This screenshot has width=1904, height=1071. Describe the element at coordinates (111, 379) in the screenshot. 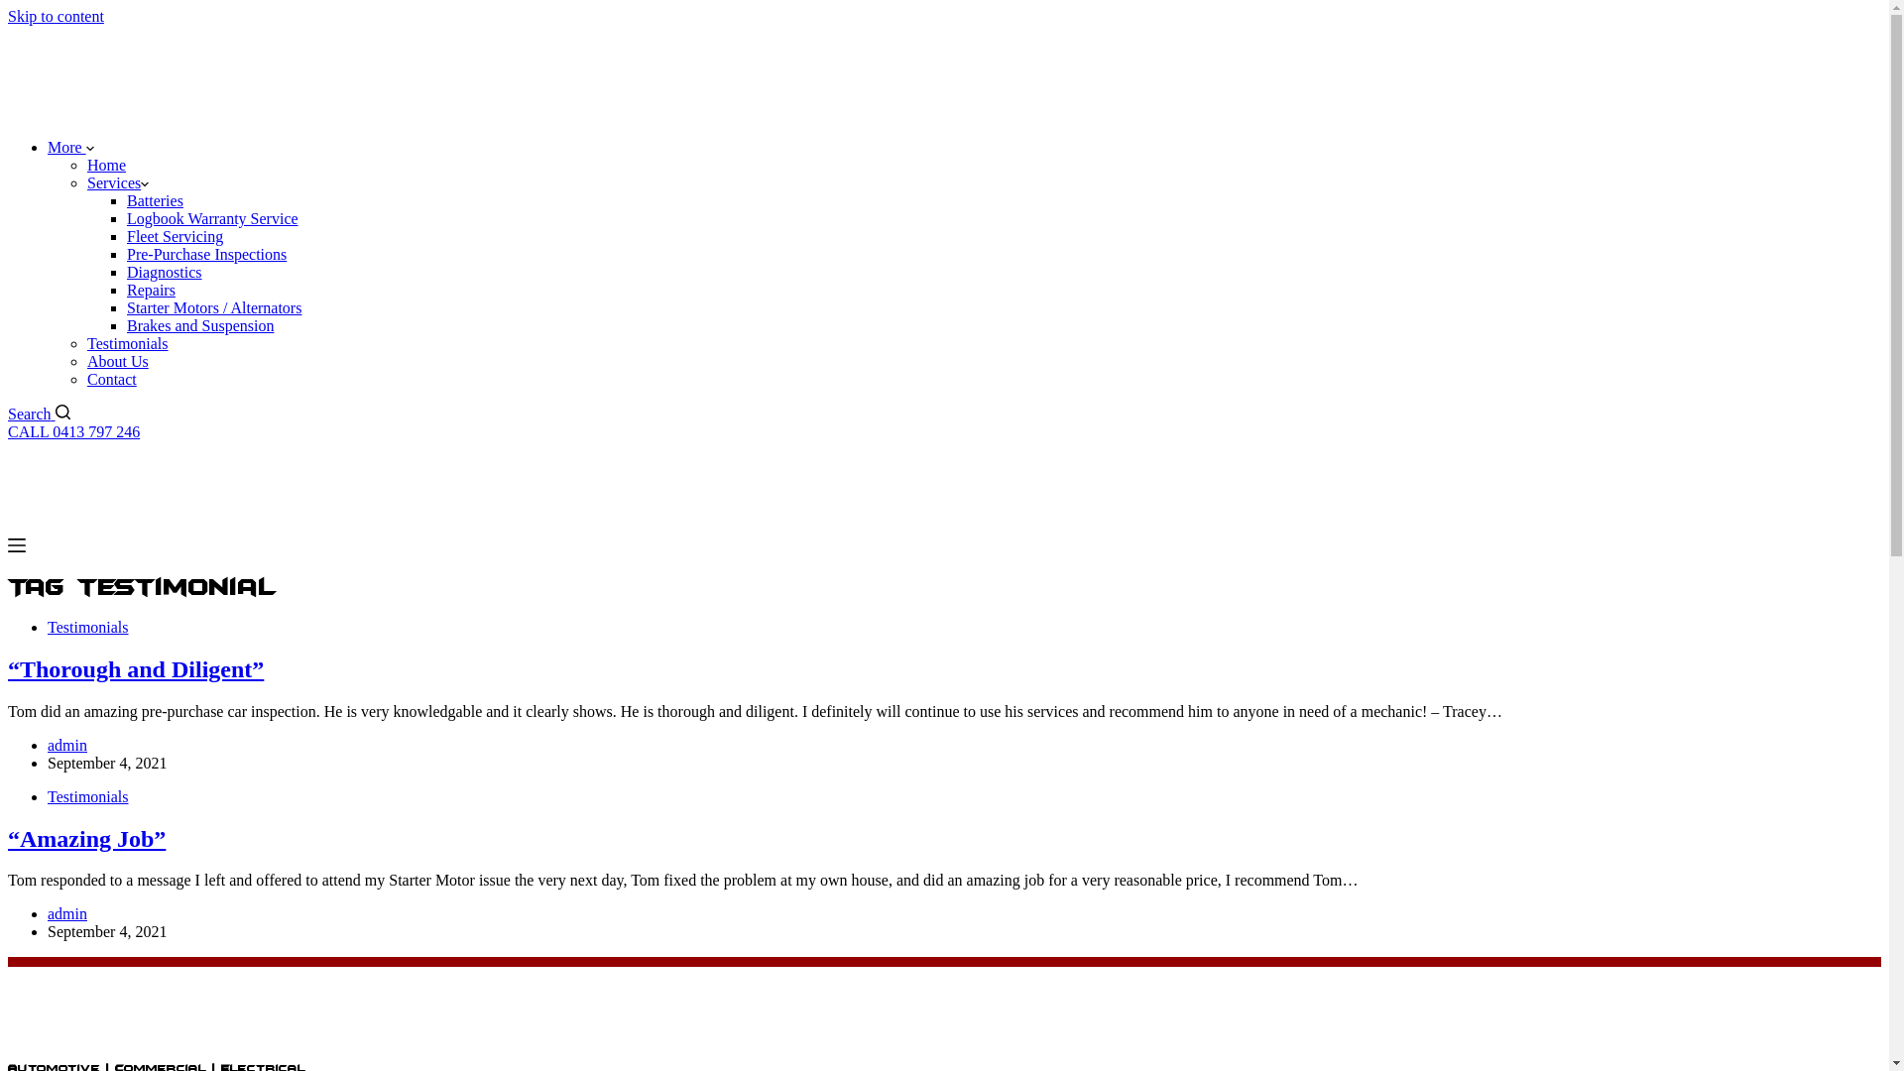

I see `'Contact'` at that location.